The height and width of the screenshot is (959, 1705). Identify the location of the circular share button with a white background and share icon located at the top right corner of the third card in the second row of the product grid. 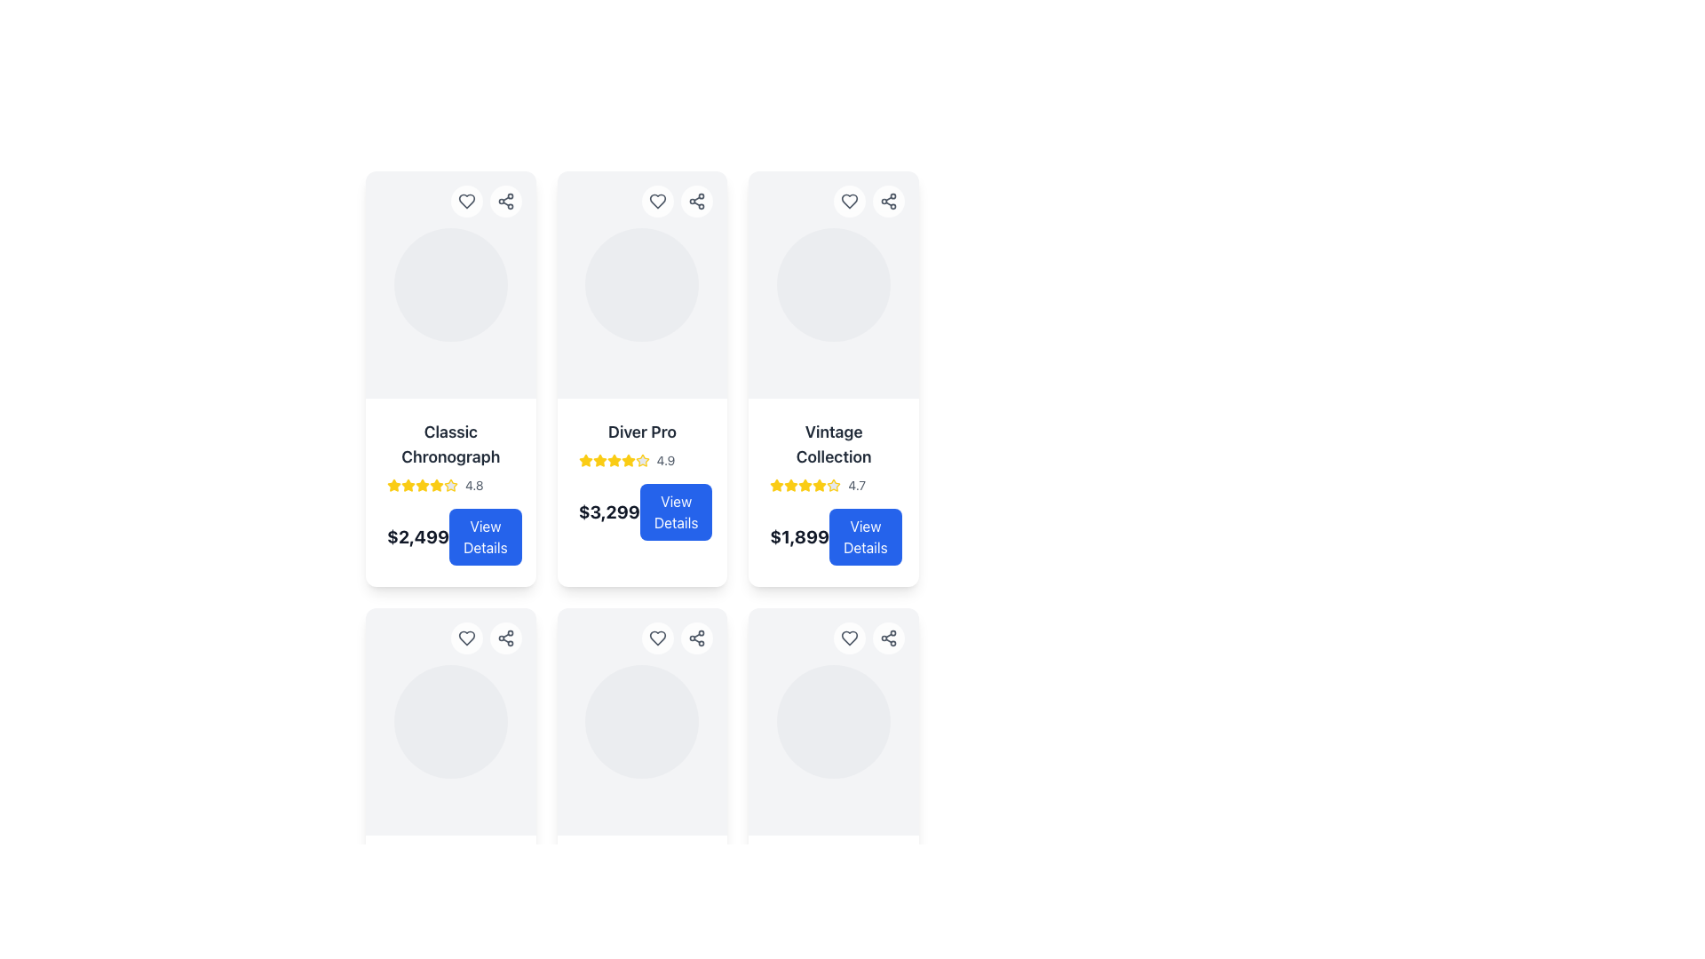
(504, 637).